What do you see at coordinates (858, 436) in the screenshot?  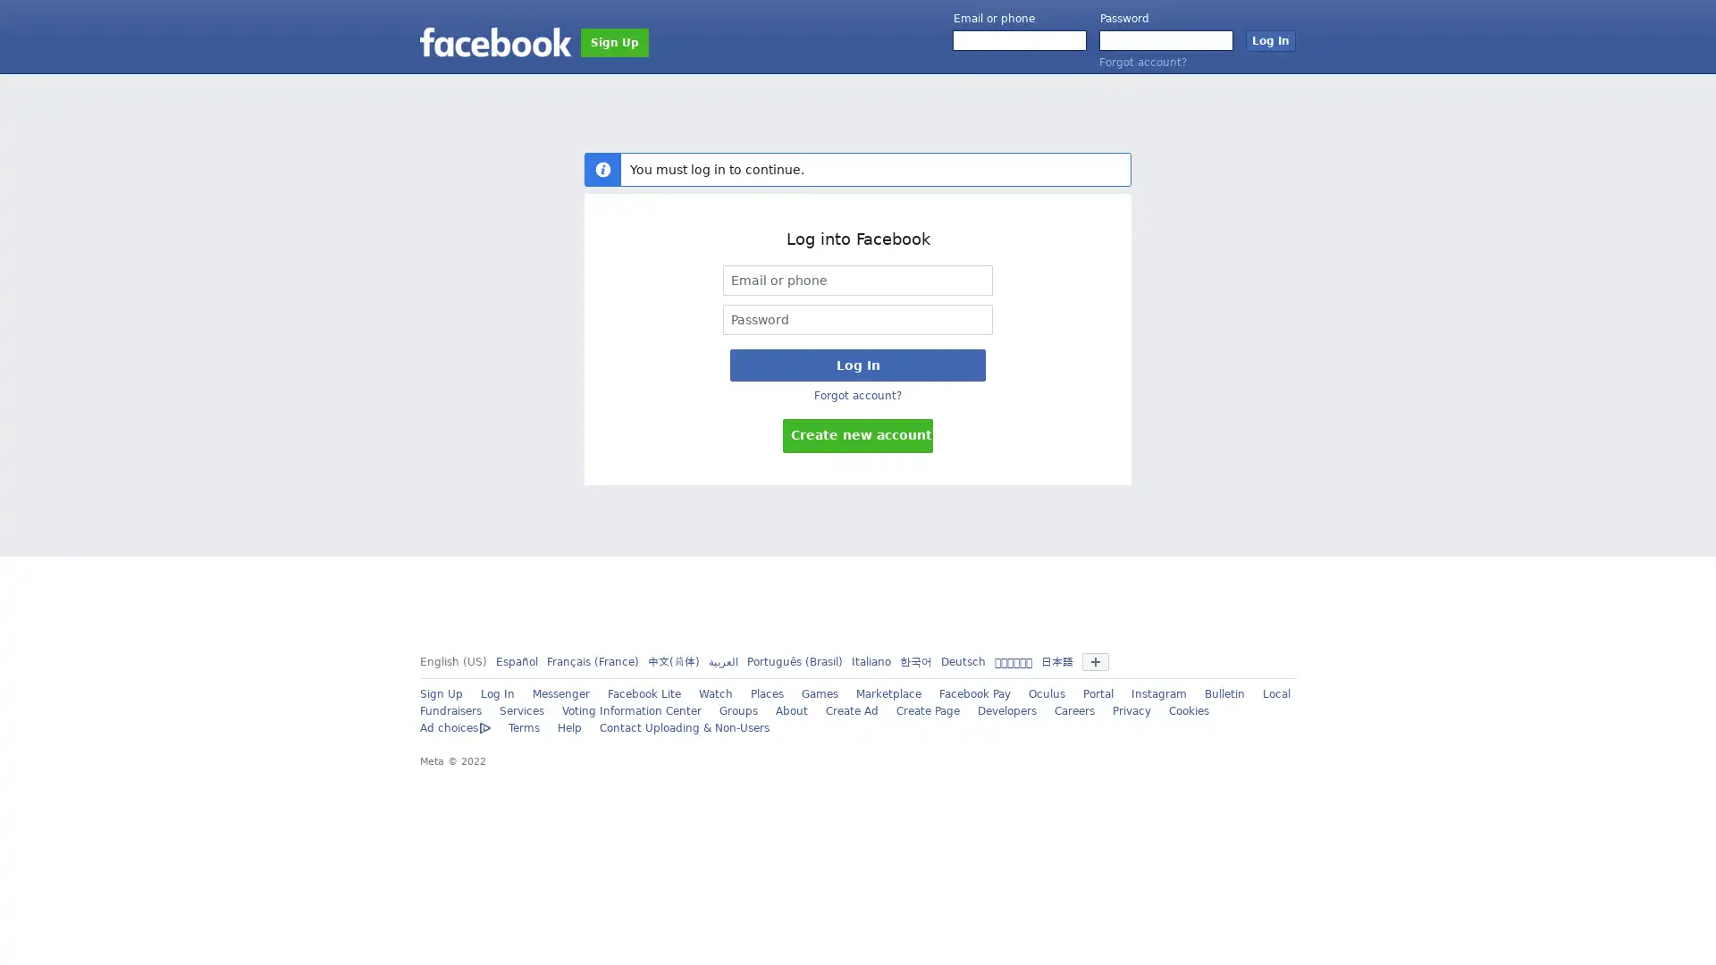 I see `Create new account` at bounding box center [858, 436].